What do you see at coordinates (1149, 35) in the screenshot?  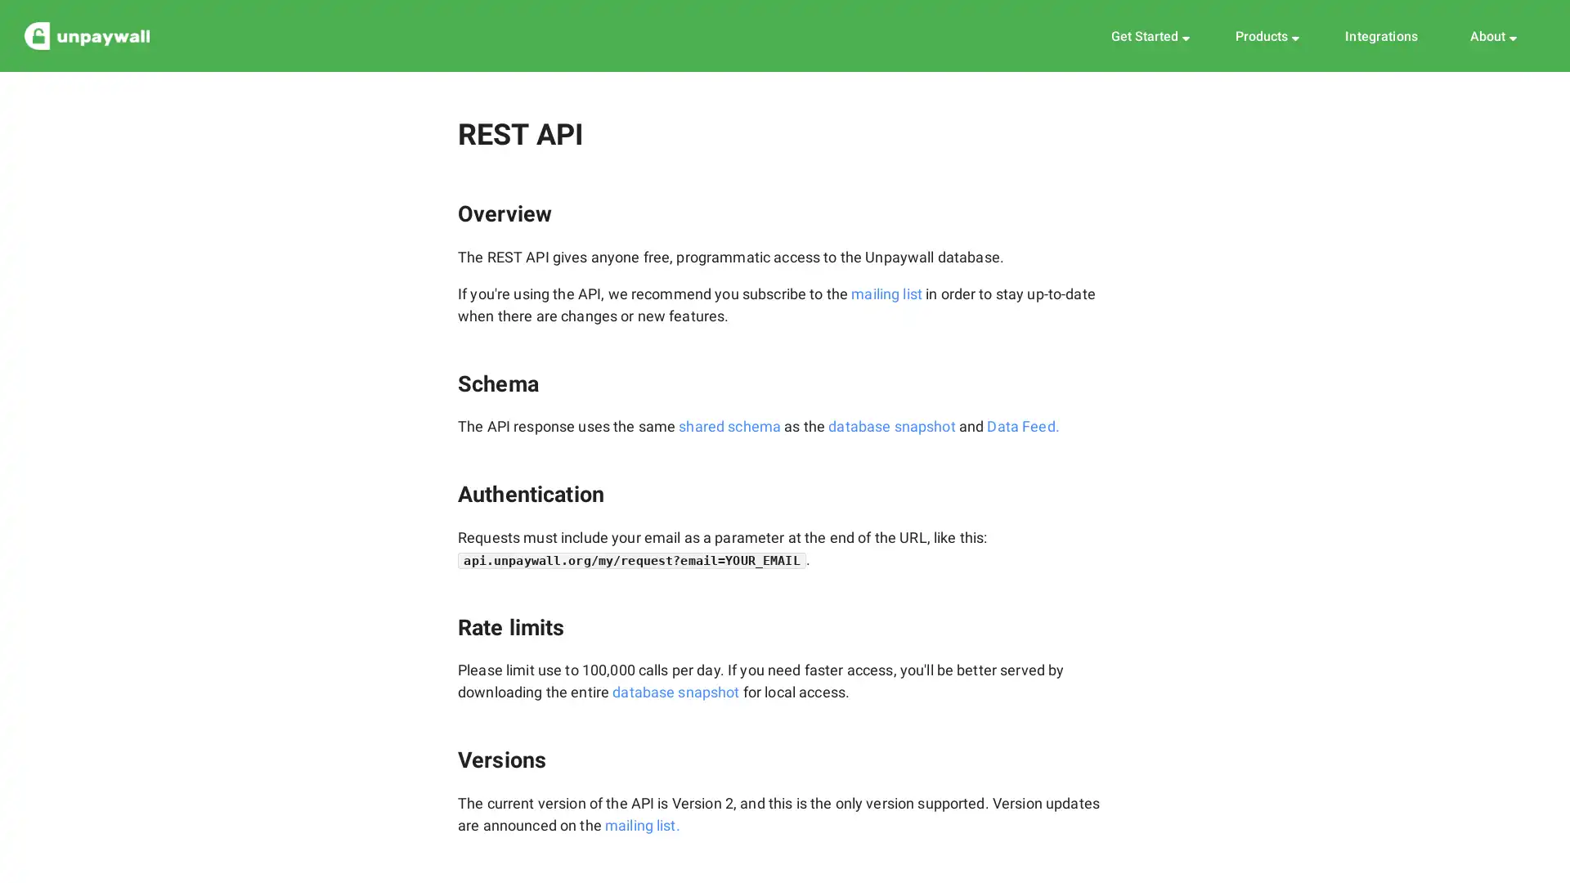 I see `Get Started` at bounding box center [1149, 35].